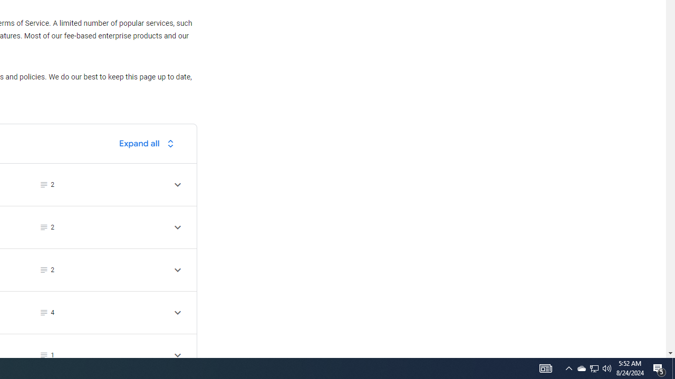  I want to click on 'Expand all', so click(149, 143).